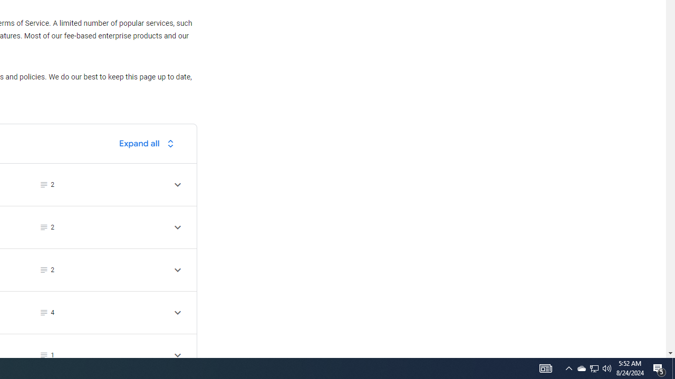  I want to click on 'Expand all', so click(149, 143).